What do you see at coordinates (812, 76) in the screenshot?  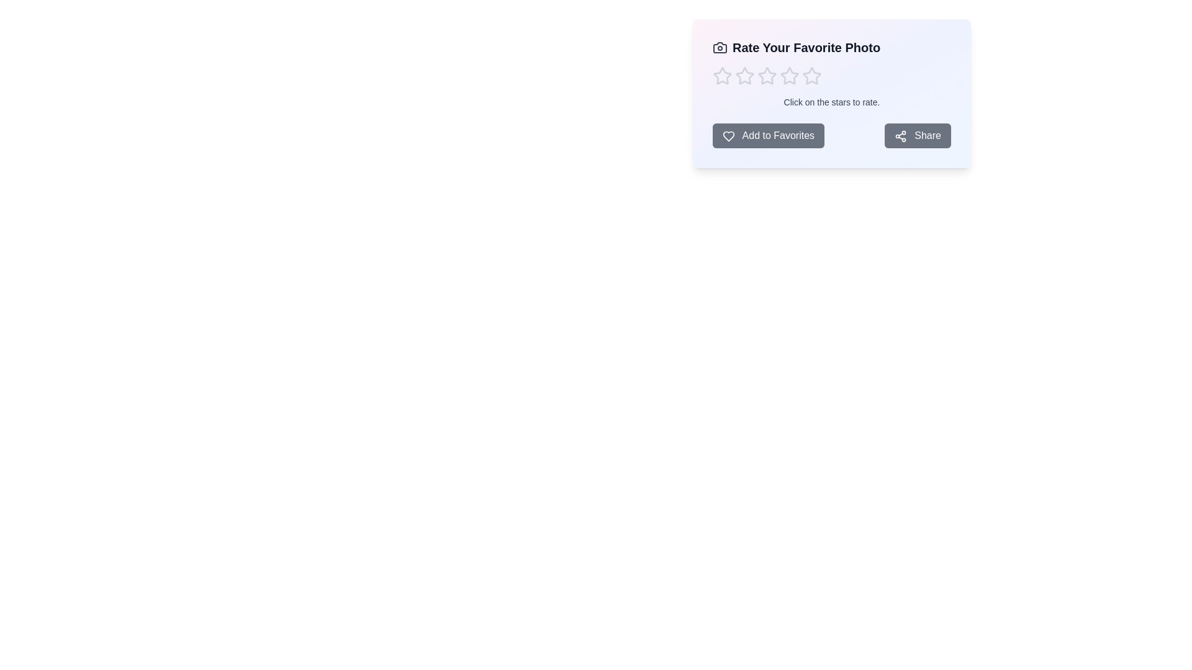 I see `the fourth star icon in the rating section under 'Rate Your Favorite Photo'` at bounding box center [812, 76].